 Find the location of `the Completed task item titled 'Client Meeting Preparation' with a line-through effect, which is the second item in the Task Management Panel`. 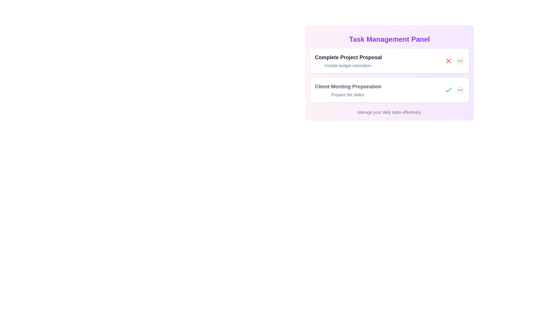

the Completed task item titled 'Client Meeting Preparation' with a line-through effect, which is the second item in the Task Management Panel is located at coordinates (348, 90).